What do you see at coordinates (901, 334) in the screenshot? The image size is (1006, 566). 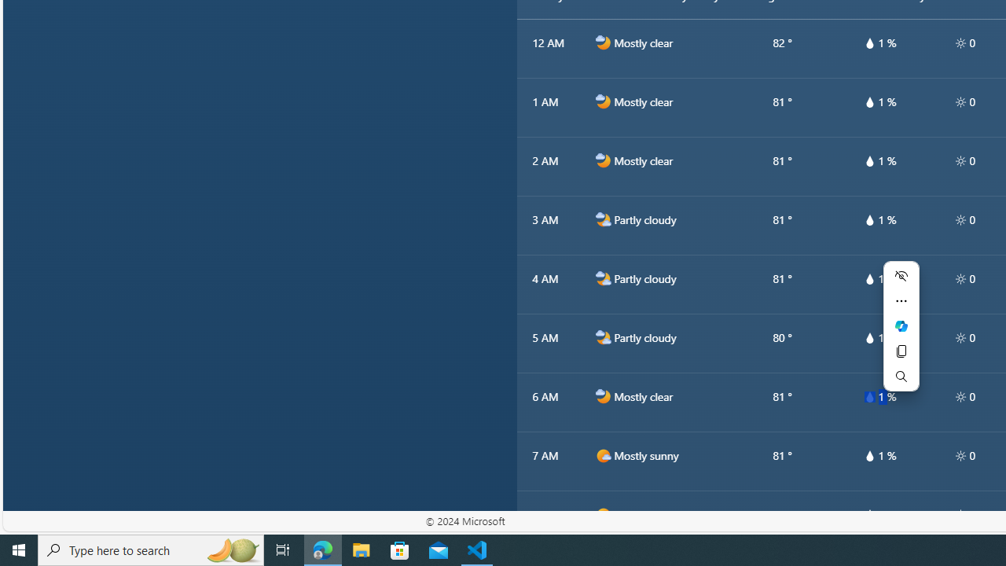 I see `'Mini menu on text selection'` at bounding box center [901, 334].